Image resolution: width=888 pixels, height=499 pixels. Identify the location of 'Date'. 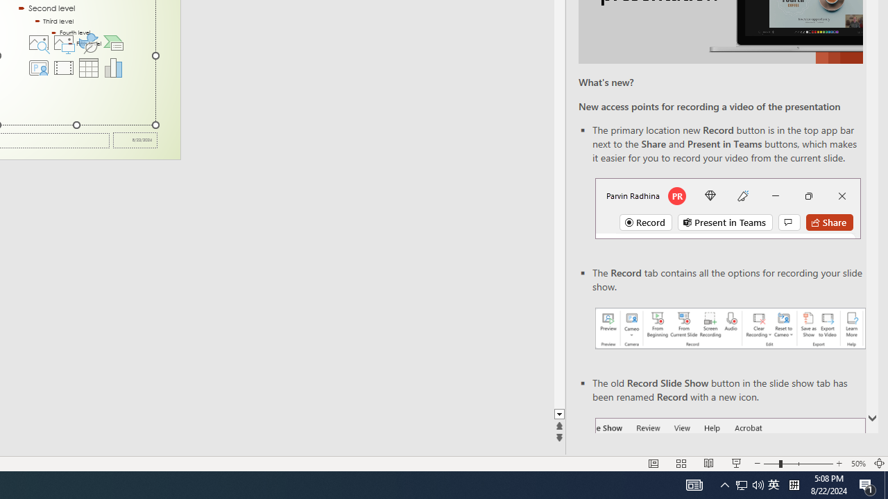
(135, 140).